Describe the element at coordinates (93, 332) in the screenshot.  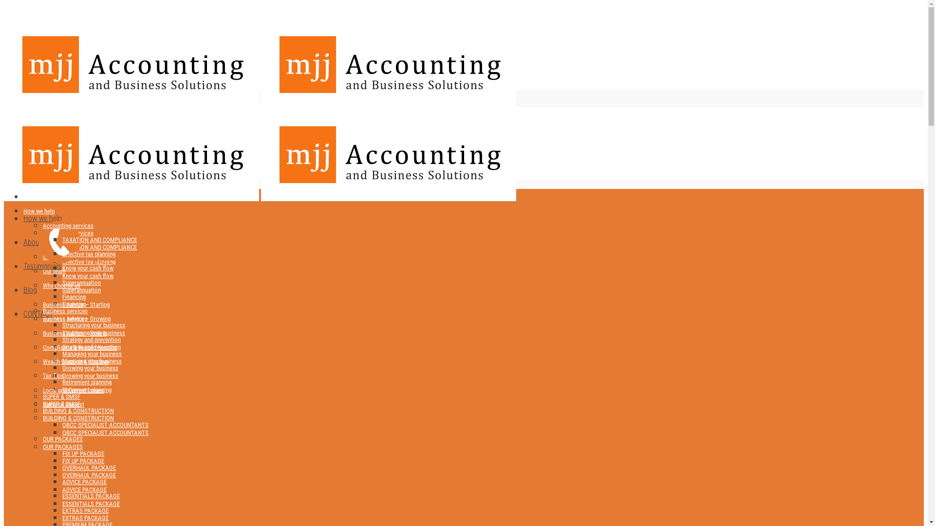
I see `'Structuring your business'` at that location.